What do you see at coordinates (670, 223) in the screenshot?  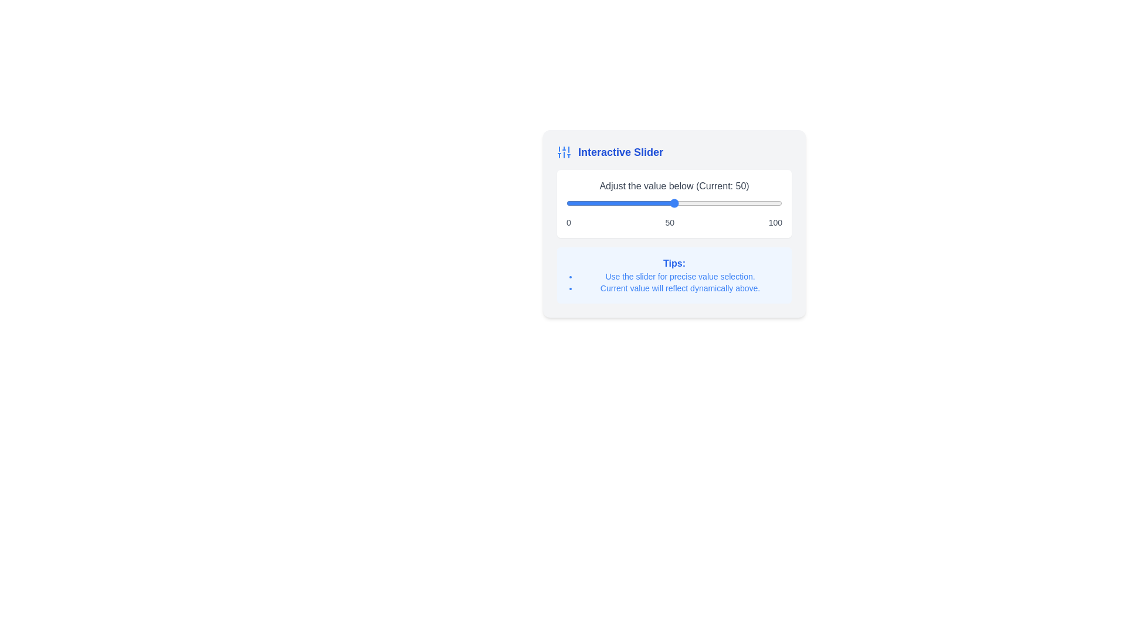 I see `the text label displaying the number '50', which is centrally positioned between the text elements '0' and '100' on a horizontal strip beneath a slider component` at bounding box center [670, 223].